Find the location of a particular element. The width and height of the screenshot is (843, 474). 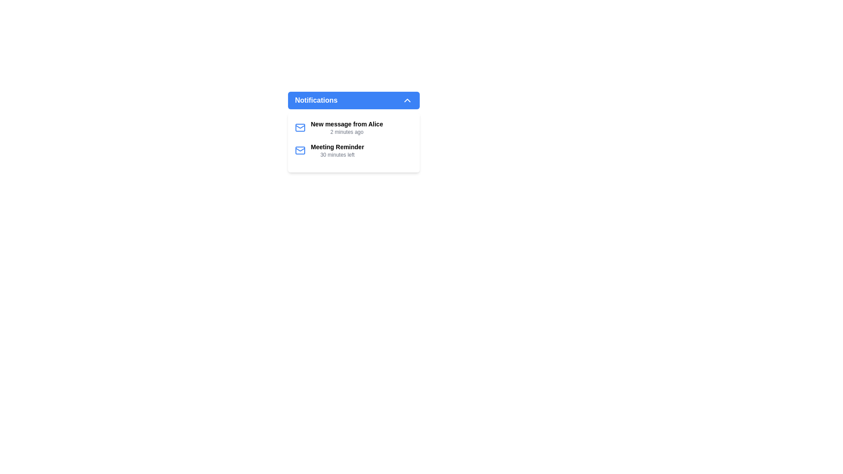

the second notification item in the vertical list within the white notification section is located at coordinates (354, 150).